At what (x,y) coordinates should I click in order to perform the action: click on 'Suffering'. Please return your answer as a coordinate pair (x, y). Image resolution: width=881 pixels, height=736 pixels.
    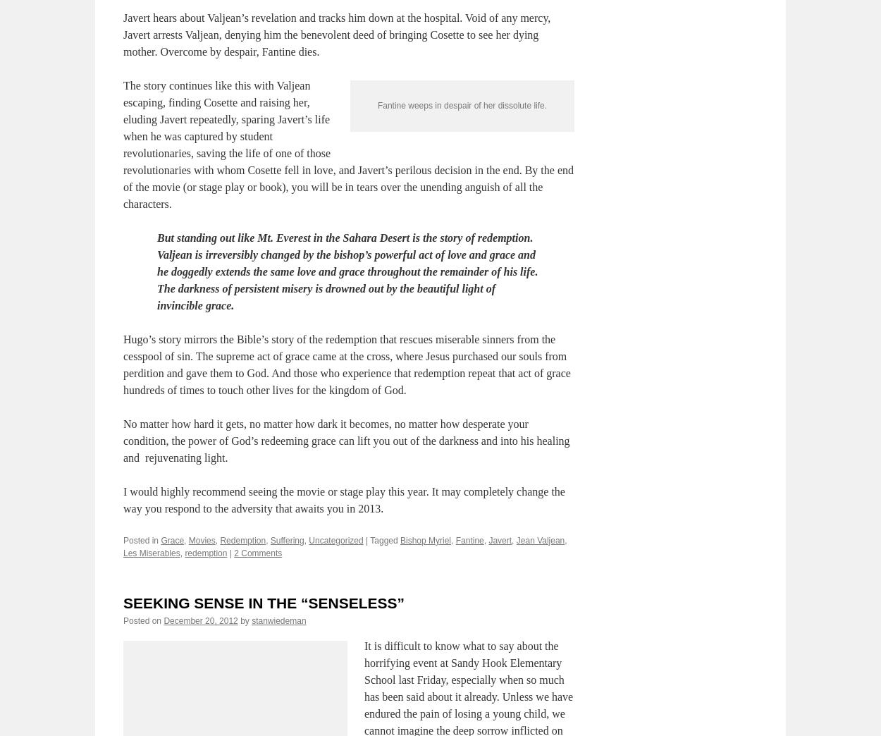
    Looking at the image, I should click on (287, 608).